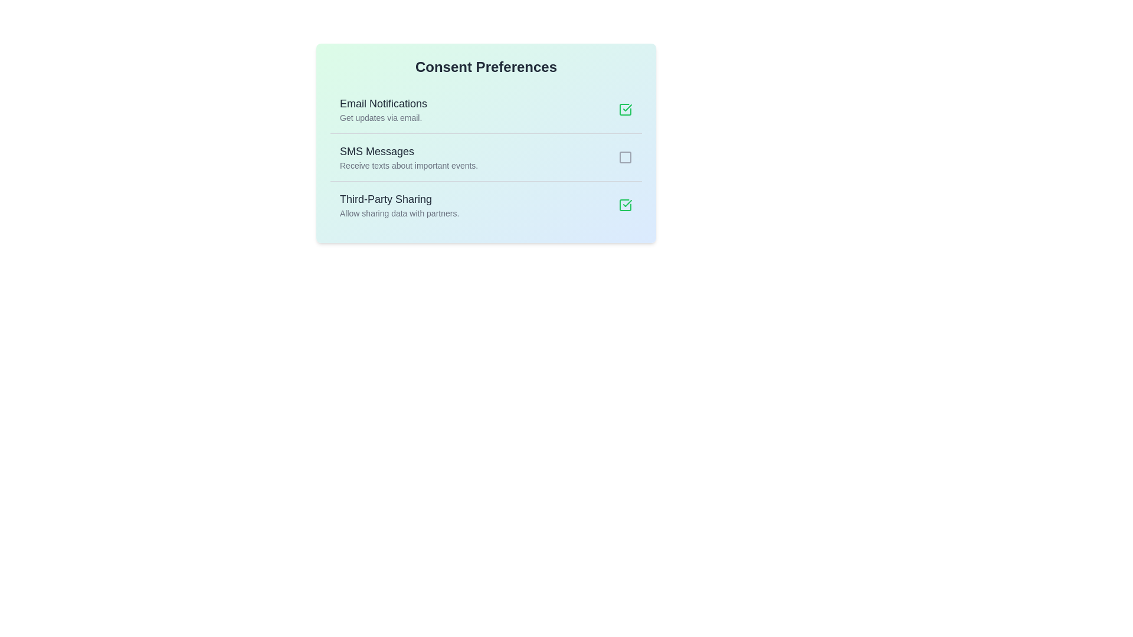  I want to click on the header of the Consent Preferences component, so click(486, 67).